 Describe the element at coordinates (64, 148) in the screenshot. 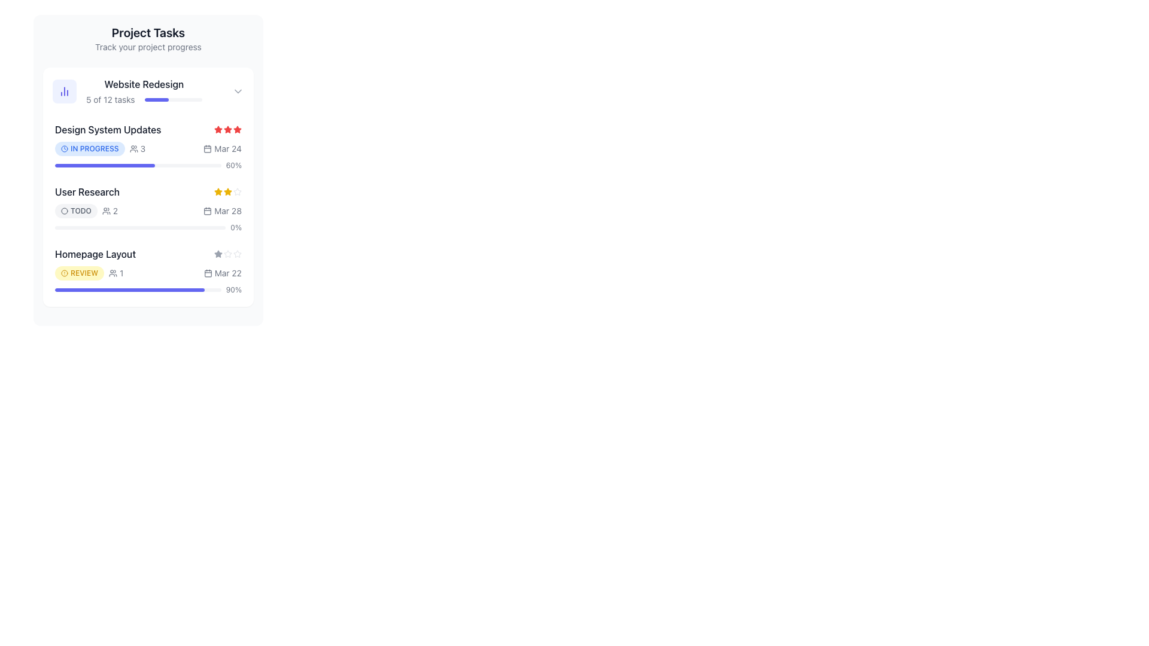

I see `the clock icon indicating the status of the task 'IN PROGRESS' within the blue badge for 'Design System Updates'` at that location.